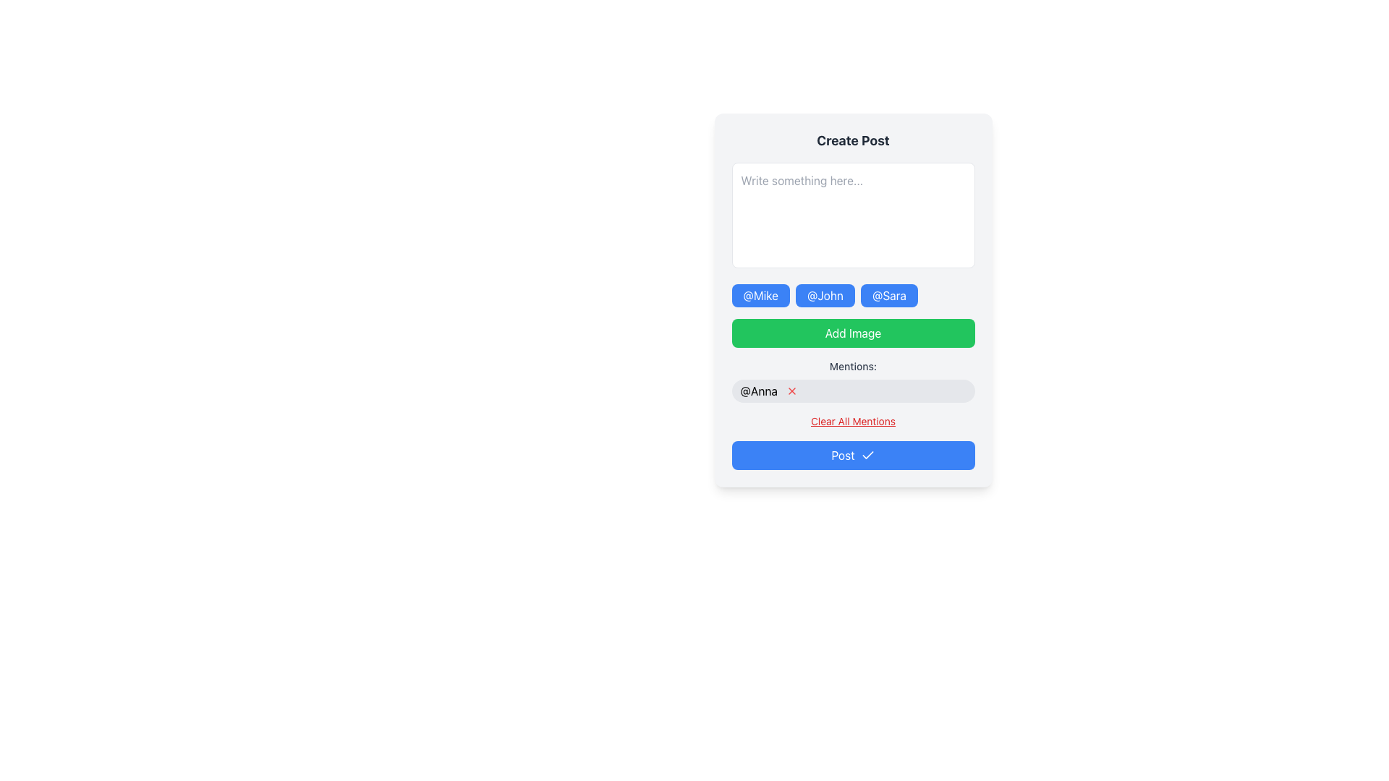 This screenshot has width=1389, height=781. What do you see at coordinates (853, 333) in the screenshot?
I see `the centrally located button that allows the user` at bounding box center [853, 333].